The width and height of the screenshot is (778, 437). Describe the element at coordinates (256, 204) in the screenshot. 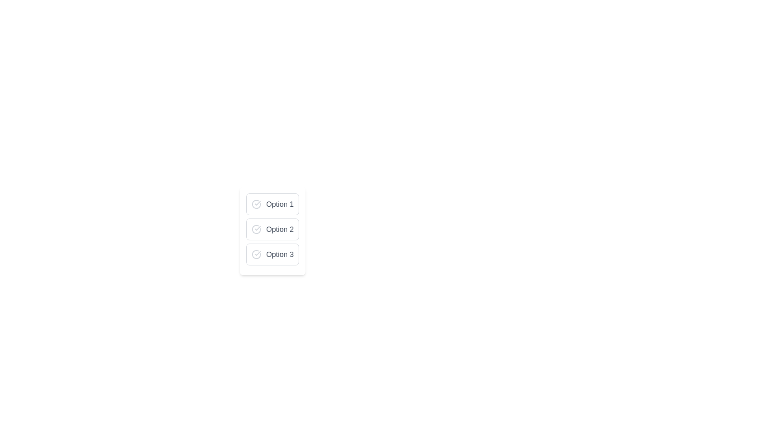

I see `the surrounding option row by clicking the first icon on the left that indicates selection or completion of 'Option 1'` at that location.